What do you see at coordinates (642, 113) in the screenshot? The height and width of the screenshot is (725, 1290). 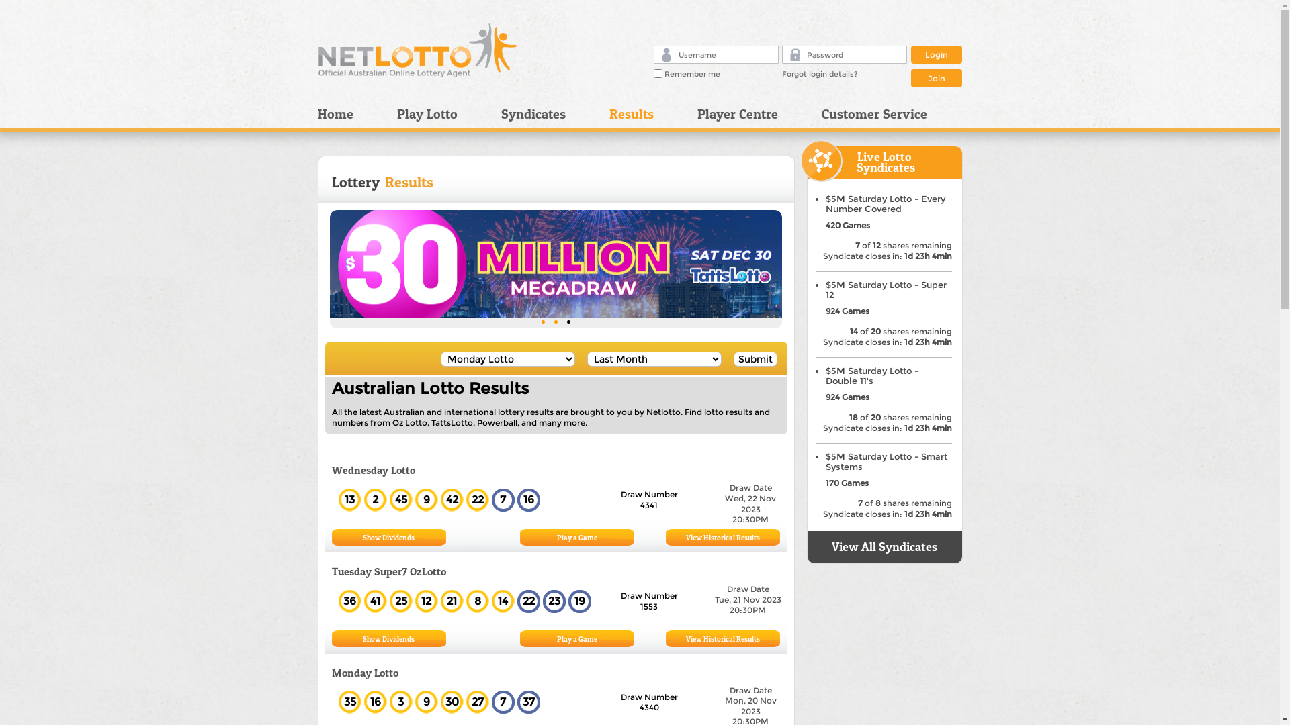 I see `'Results'` at bounding box center [642, 113].